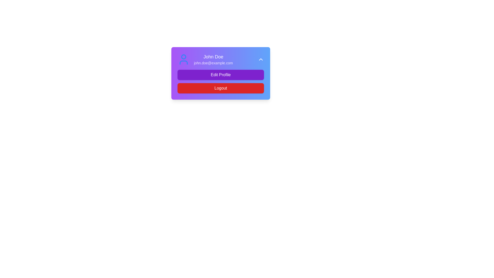 The width and height of the screenshot is (494, 278). What do you see at coordinates (261, 59) in the screenshot?
I see `the upward-pointing arrow button located at the top-right corner of the profile card` at bounding box center [261, 59].